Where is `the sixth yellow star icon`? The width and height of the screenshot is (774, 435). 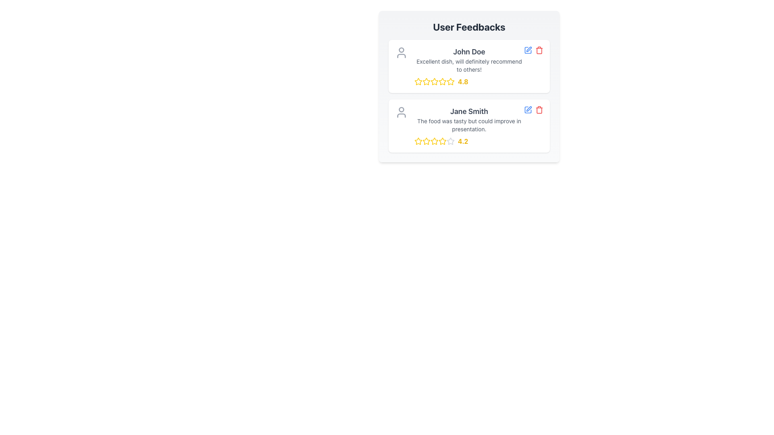 the sixth yellow star icon is located at coordinates (442, 82).